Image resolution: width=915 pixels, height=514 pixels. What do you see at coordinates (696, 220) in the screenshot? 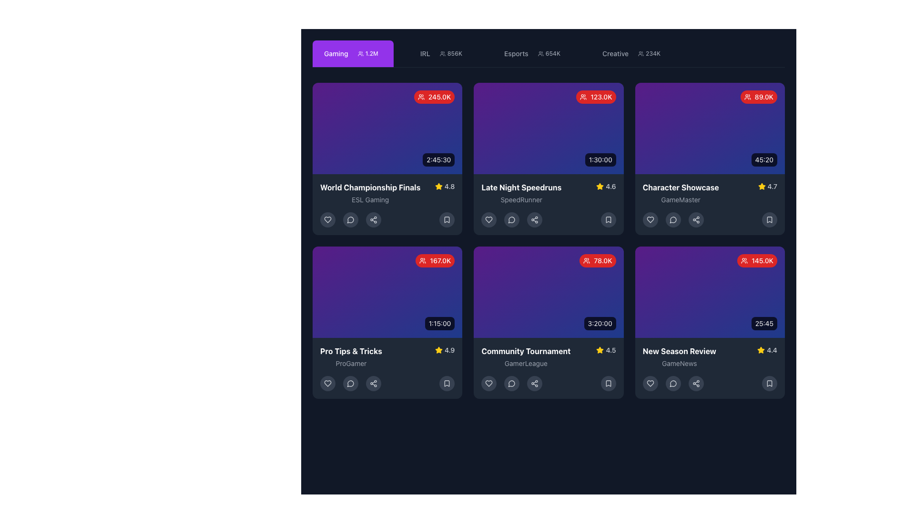
I see `the share icon button located under the 'Character Showcase' card in the second row and third column of the grid` at bounding box center [696, 220].